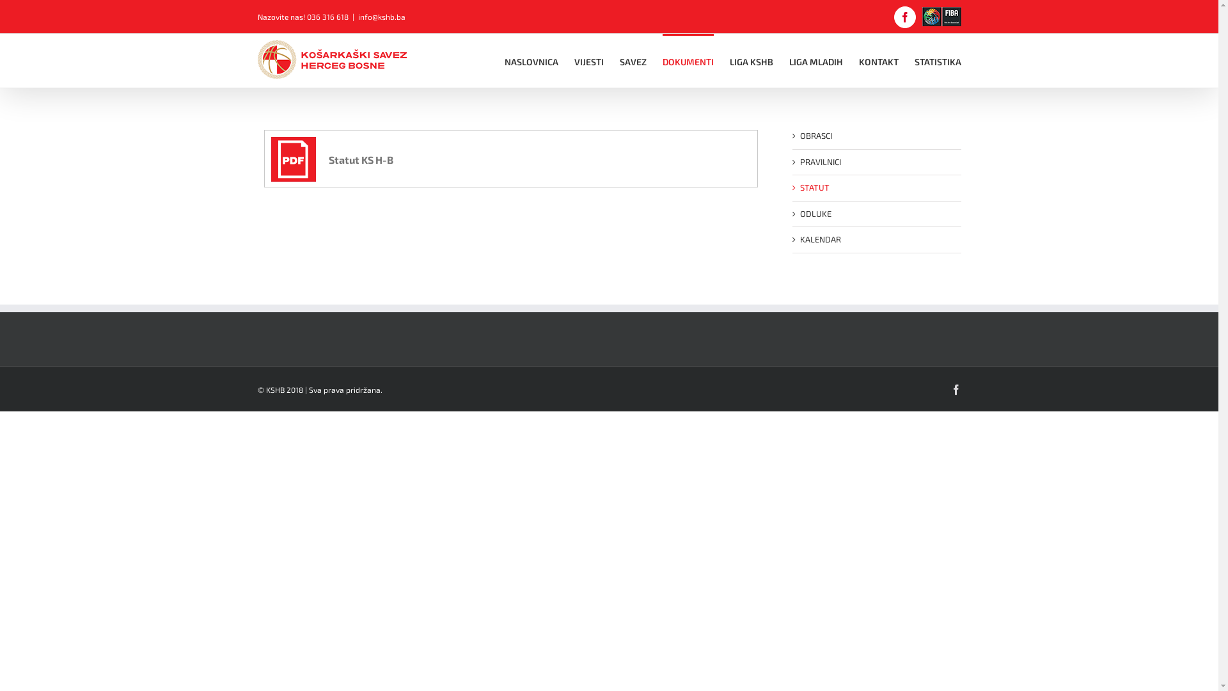 The image size is (1228, 691). Describe the element at coordinates (819, 160) in the screenshot. I see `'PRAVILNICI'` at that location.